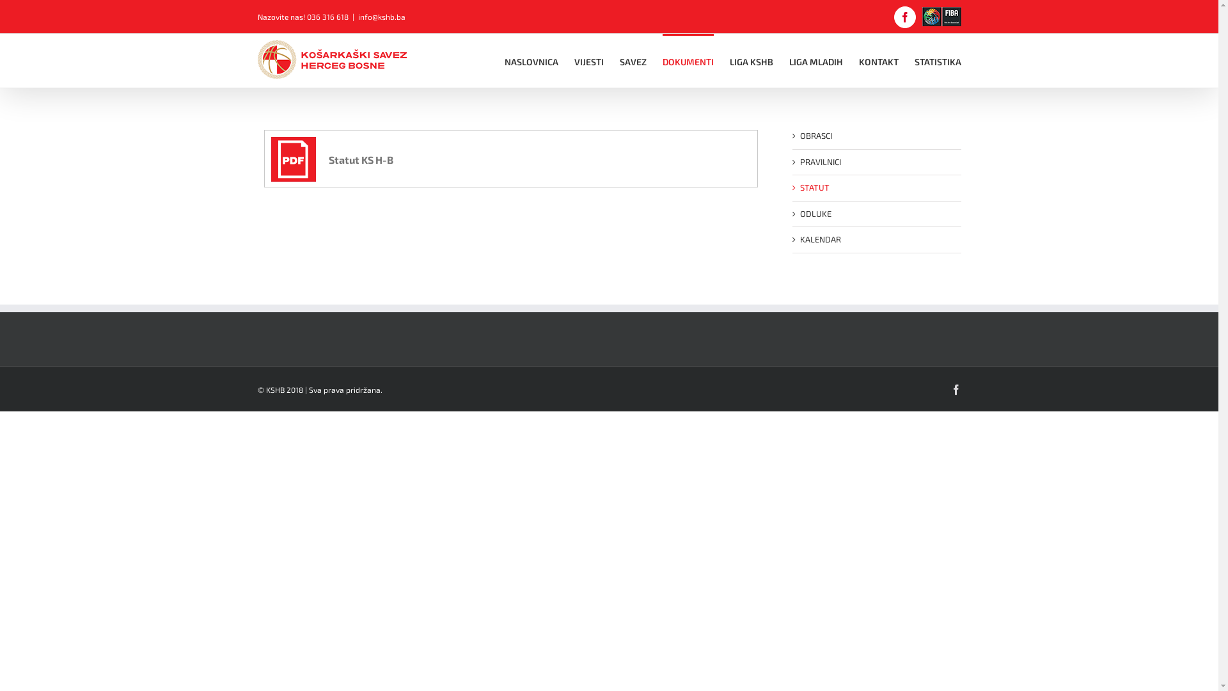 The image size is (1228, 691). Describe the element at coordinates (819, 160) in the screenshot. I see `'PRAVILNICI'` at that location.